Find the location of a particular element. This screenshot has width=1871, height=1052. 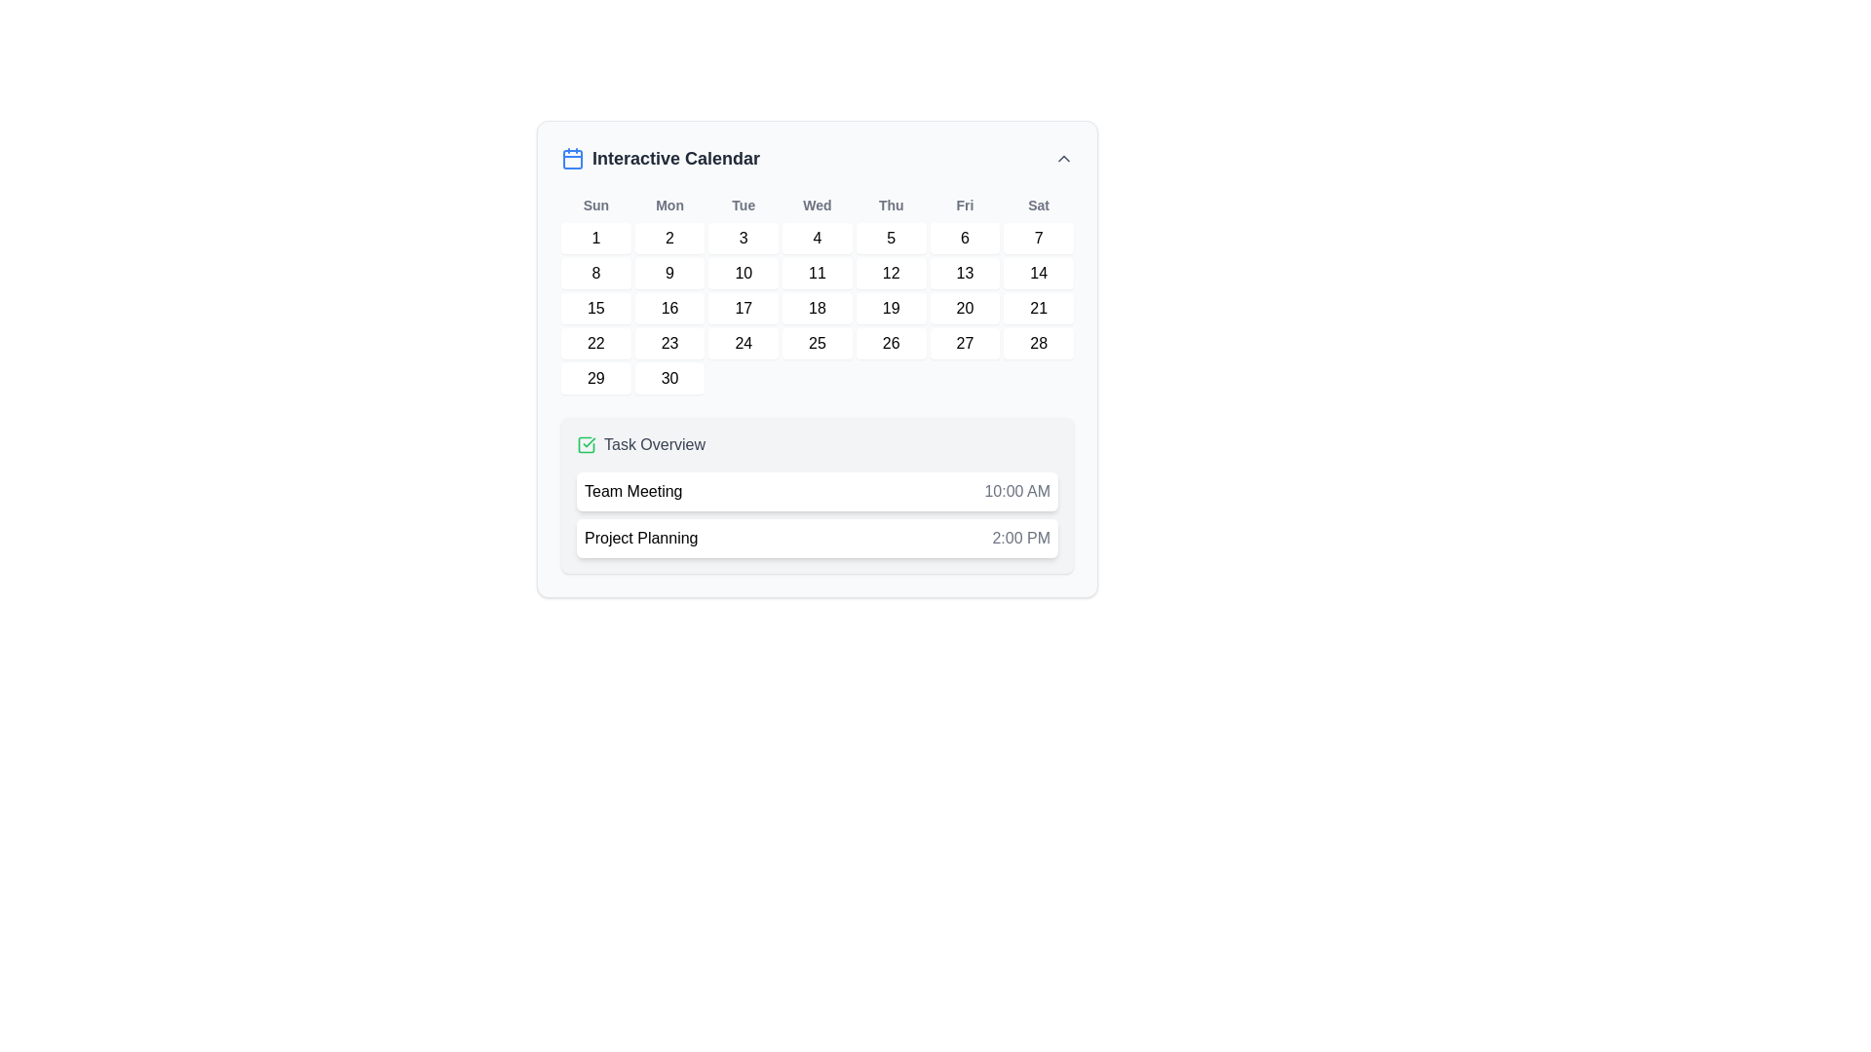

the static text element displaying the abbreviation 'Tue', which is styled in bold gray and positioned between 'Mon' and 'Wed' in a row of day abbreviations is located at coordinates (743, 206).